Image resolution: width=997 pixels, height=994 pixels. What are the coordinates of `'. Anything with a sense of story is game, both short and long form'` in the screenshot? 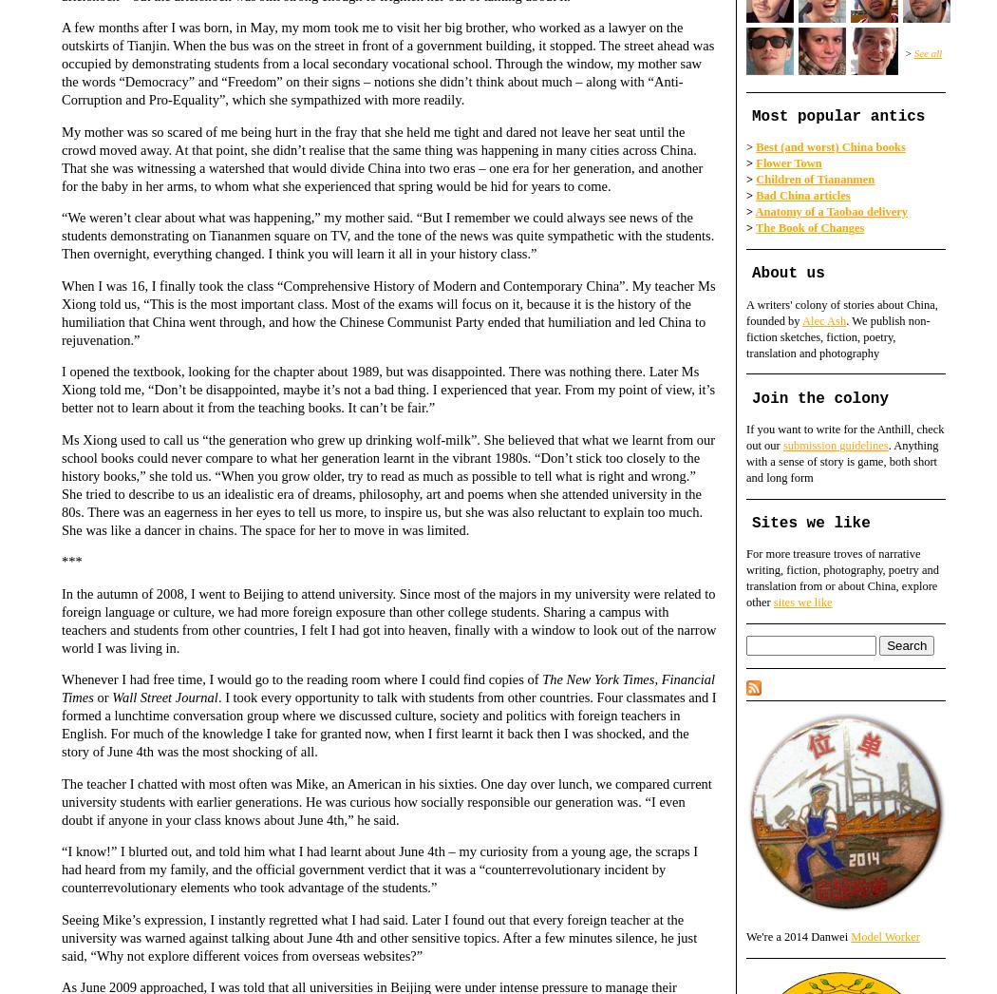 It's located at (841, 461).